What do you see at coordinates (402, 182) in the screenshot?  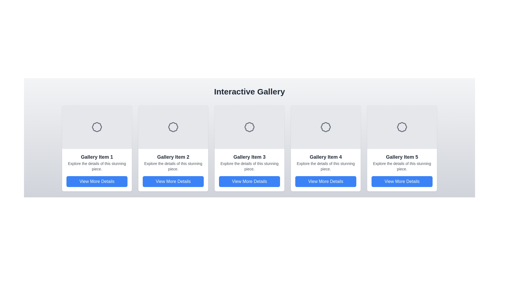 I see `the button located in the bottom section of the card labeled 'Gallery Item 5', directly below the text 'Explore the details of this stunning piece.'` at bounding box center [402, 182].